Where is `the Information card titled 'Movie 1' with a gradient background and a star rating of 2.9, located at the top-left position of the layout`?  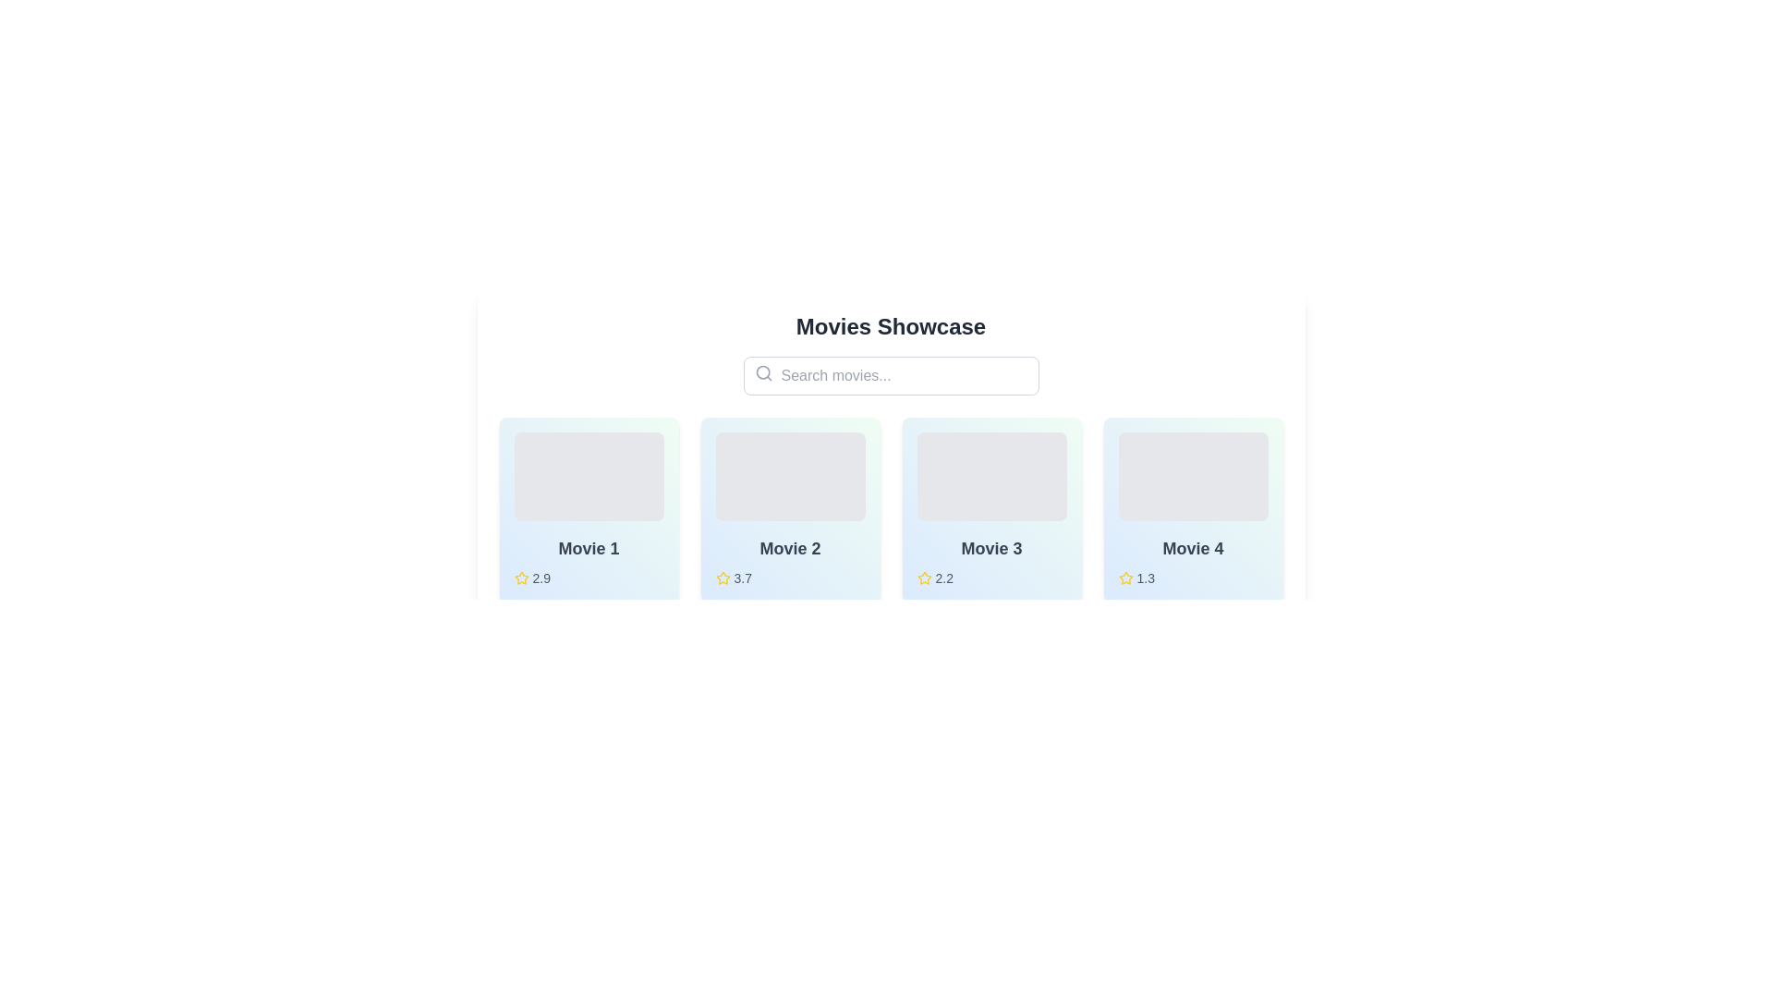 the Information card titled 'Movie 1' with a gradient background and a star rating of 2.9, located at the top-left position of the layout is located at coordinates (588, 509).